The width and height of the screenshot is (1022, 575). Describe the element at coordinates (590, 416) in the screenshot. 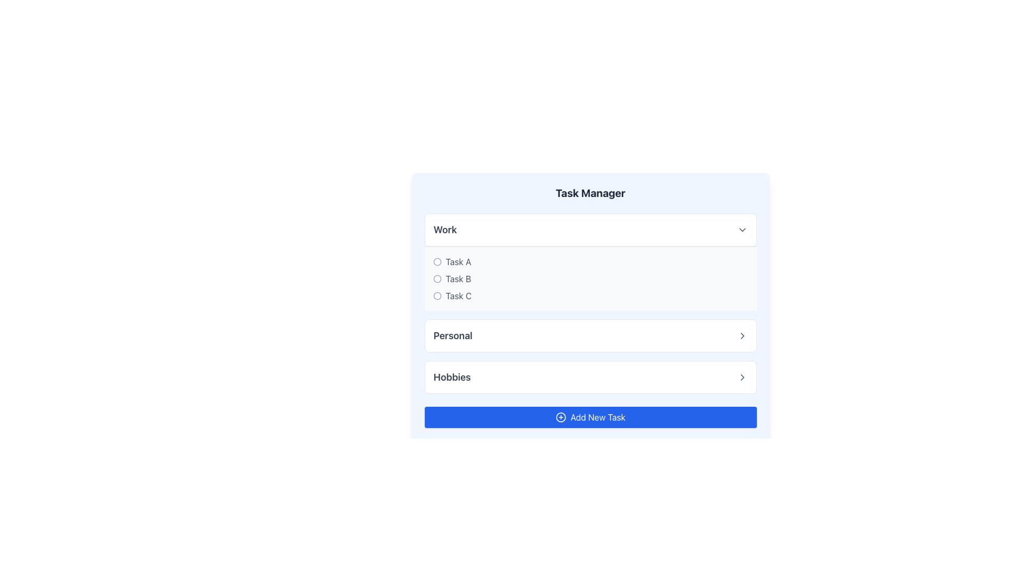

I see `the blue 'Add New Task' button with rounded edges located at the bottom of the 'Task Manager' panel` at that location.